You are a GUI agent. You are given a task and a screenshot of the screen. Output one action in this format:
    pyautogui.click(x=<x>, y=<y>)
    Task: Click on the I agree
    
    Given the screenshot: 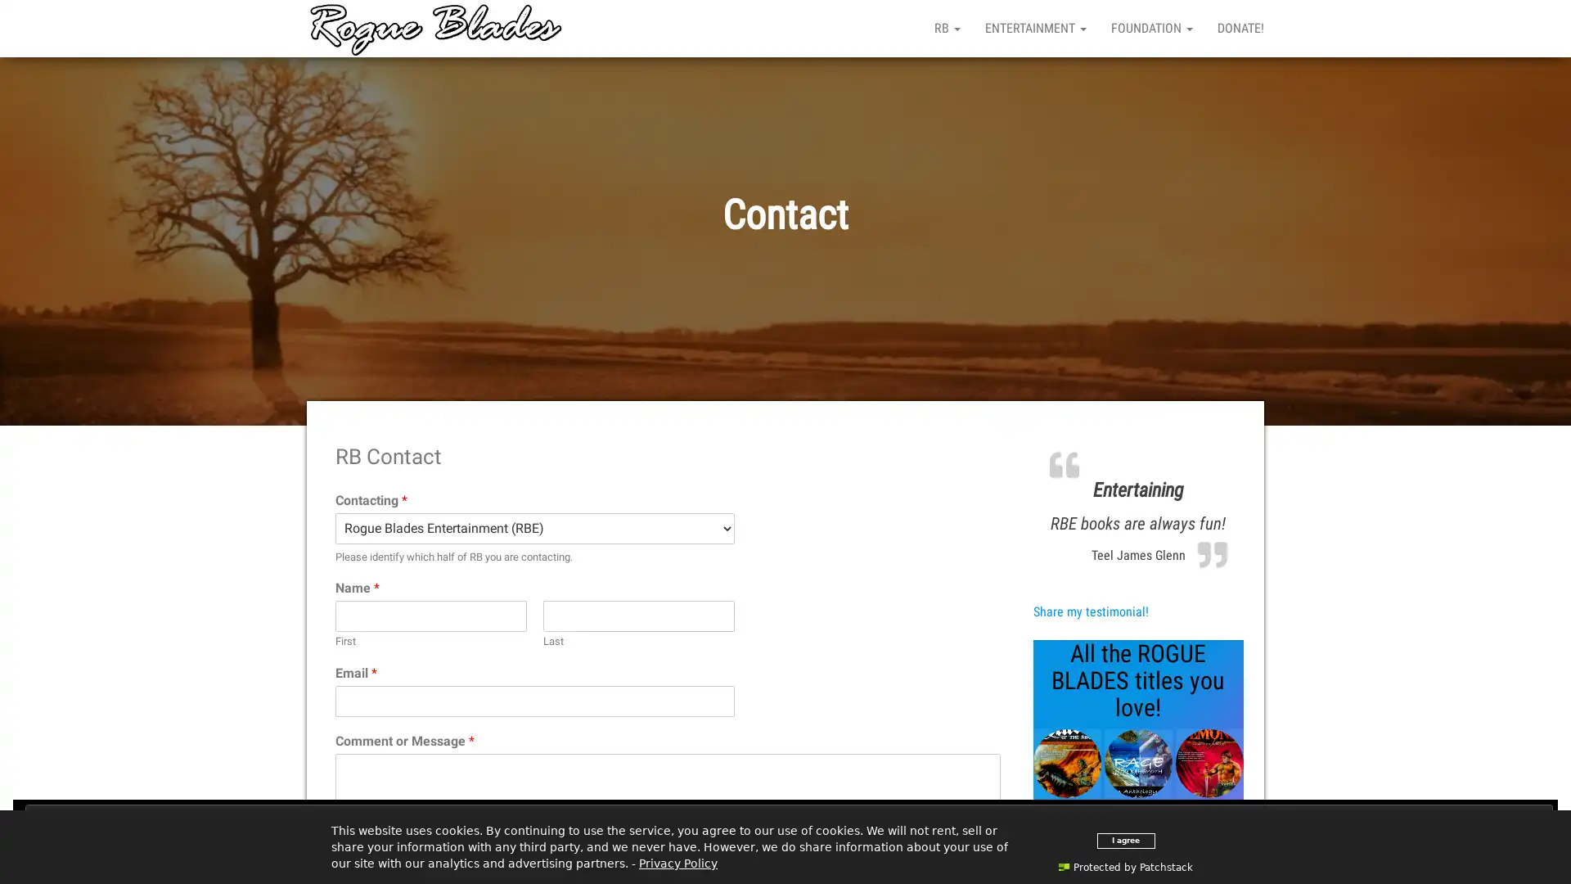 What is the action you would take?
    pyautogui.click(x=1124, y=840)
    